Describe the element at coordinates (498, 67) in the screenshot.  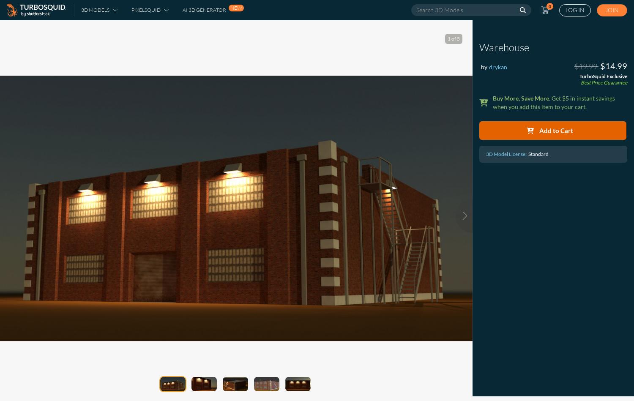
I see `'drykan'` at that location.